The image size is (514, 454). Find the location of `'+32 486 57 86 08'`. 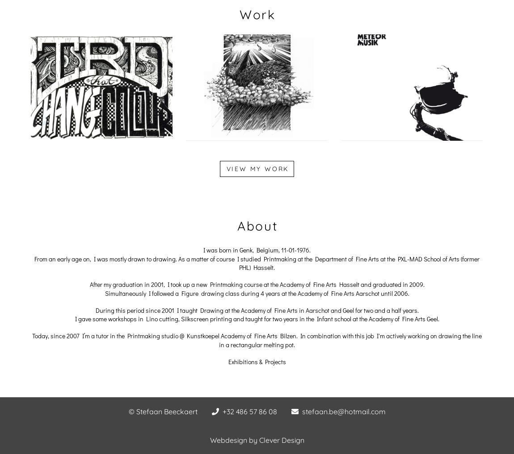

'+32 486 57 86 08' is located at coordinates (222, 411).